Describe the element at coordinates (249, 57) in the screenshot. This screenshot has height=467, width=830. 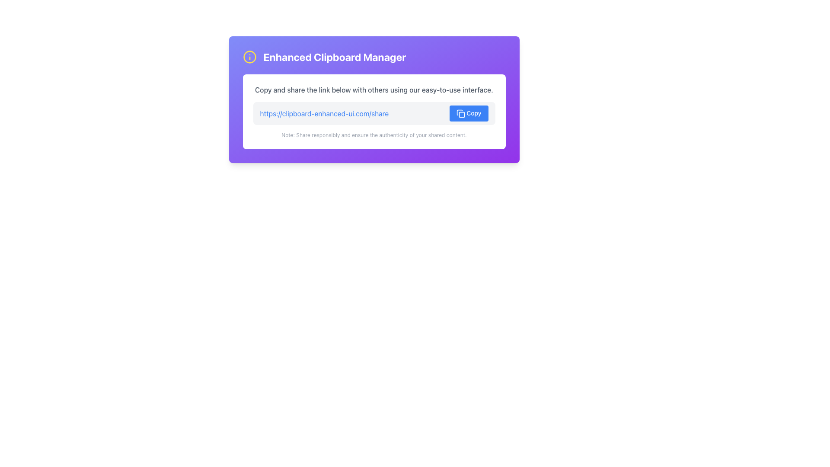
I see `the icon associated with the 'Enhanced Clipboard Manager' section, positioned at the far left before the text` at that location.